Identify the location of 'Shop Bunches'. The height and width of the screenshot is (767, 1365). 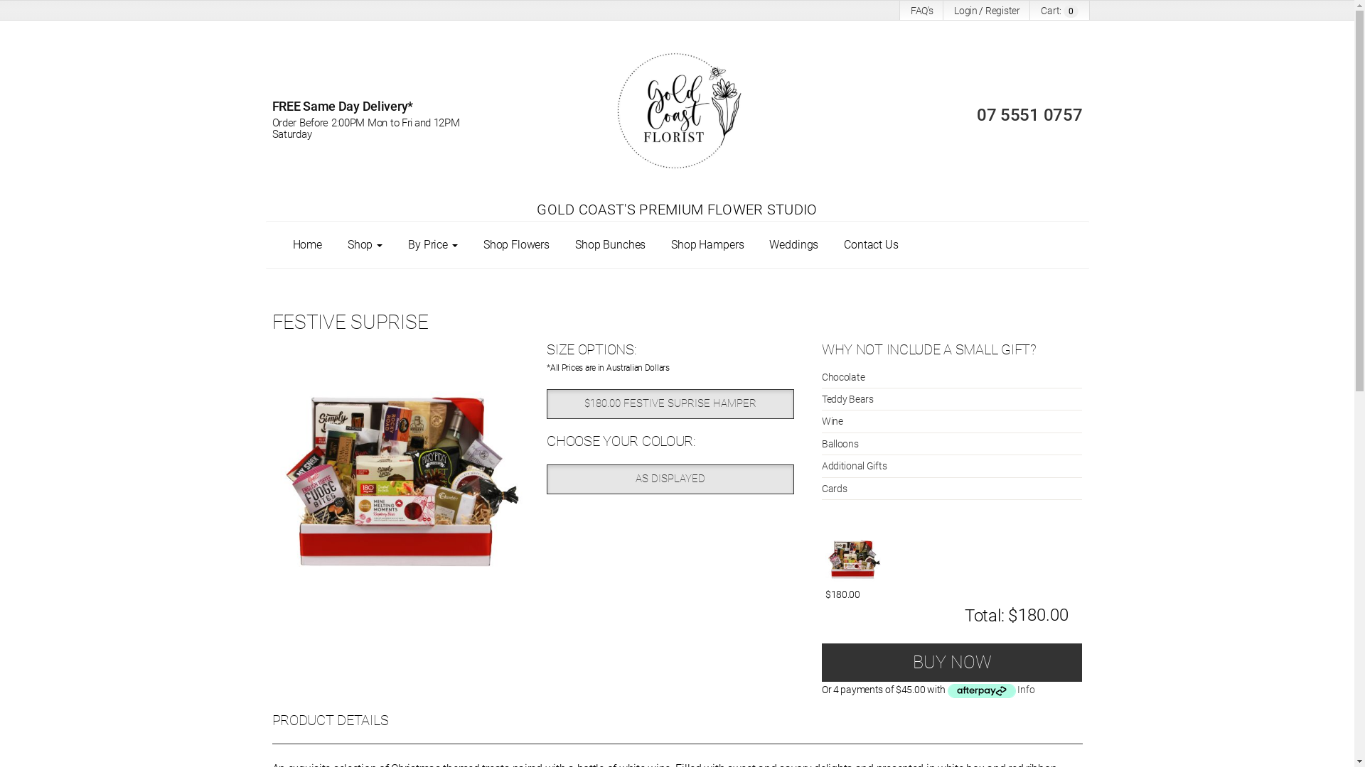
(610, 244).